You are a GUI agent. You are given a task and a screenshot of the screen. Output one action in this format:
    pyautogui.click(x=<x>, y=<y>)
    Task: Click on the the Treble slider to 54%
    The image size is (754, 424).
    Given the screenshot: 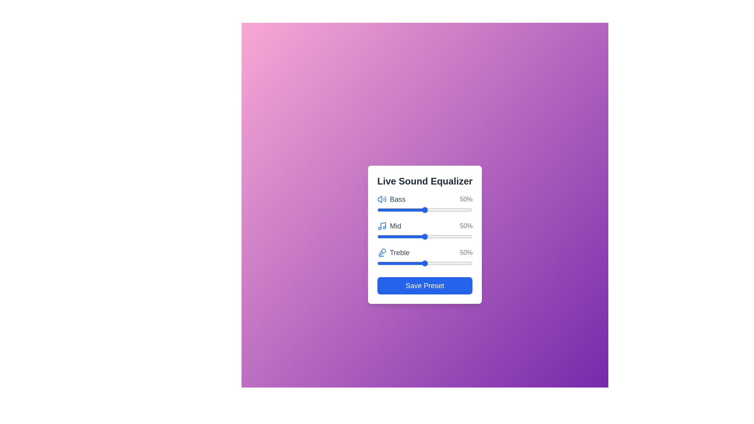 What is the action you would take?
    pyautogui.click(x=428, y=263)
    